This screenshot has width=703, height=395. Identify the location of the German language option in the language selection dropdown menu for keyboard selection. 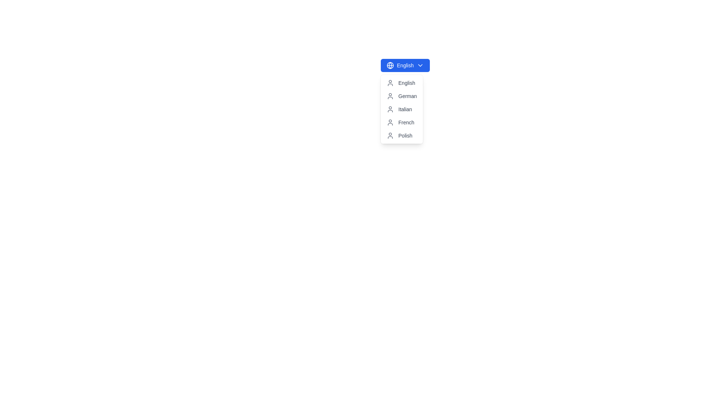
(401, 95).